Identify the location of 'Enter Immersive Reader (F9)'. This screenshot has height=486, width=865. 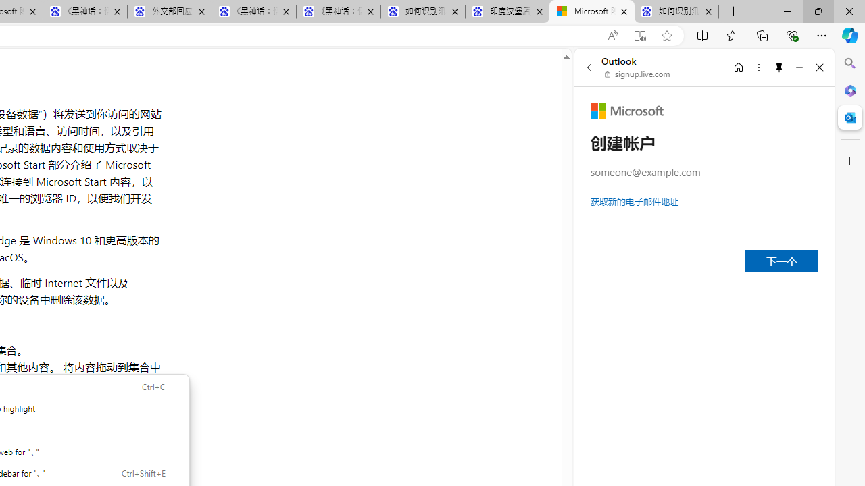
(639, 35).